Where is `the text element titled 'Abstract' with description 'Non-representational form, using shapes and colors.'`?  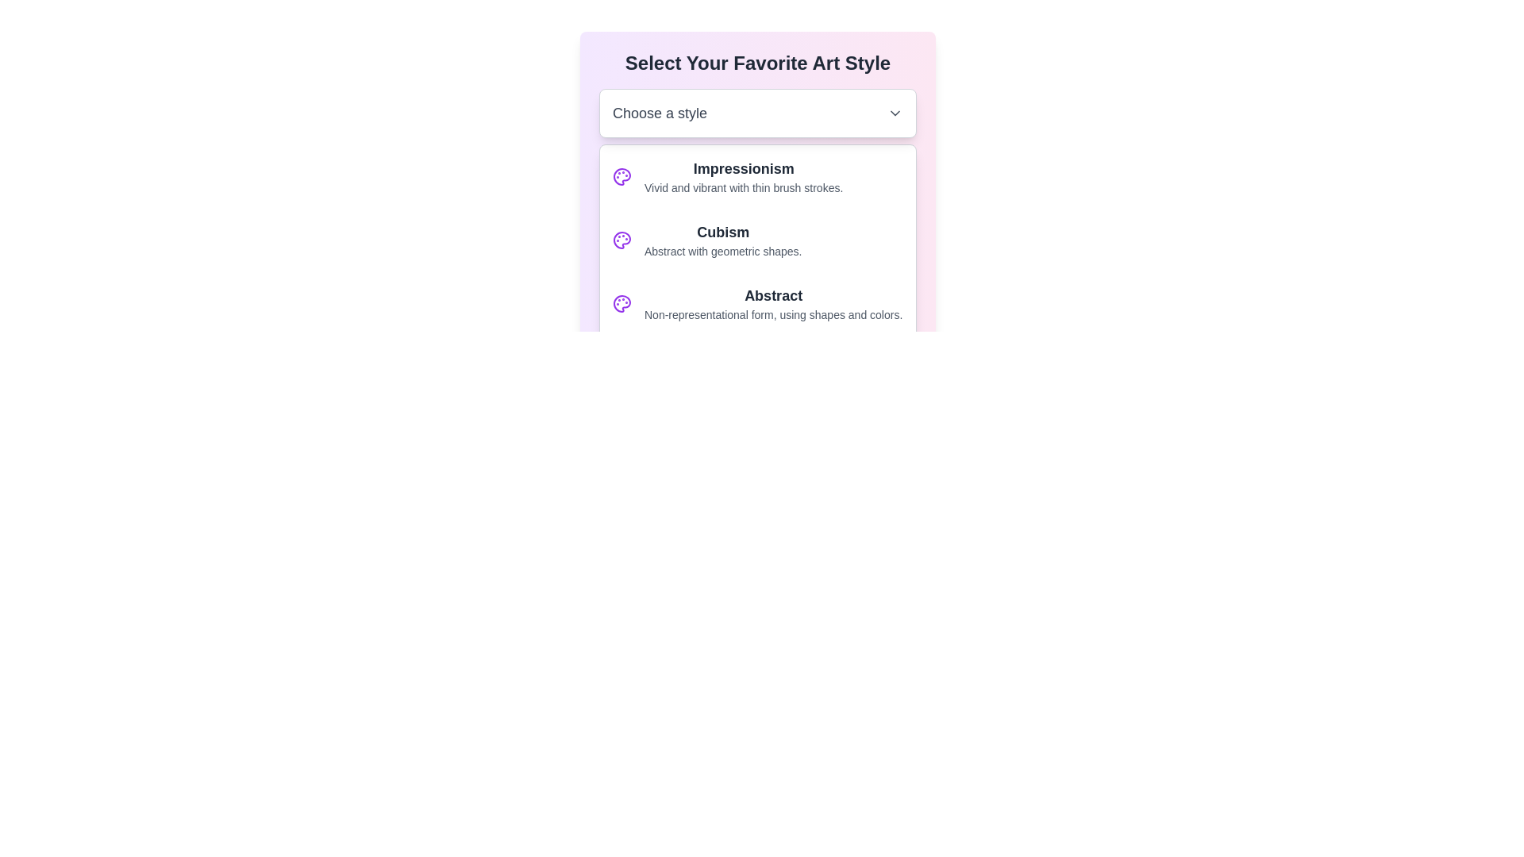
the text element titled 'Abstract' with description 'Non-representational form, using shapes and colors.' is located at coordinates (773, 303).